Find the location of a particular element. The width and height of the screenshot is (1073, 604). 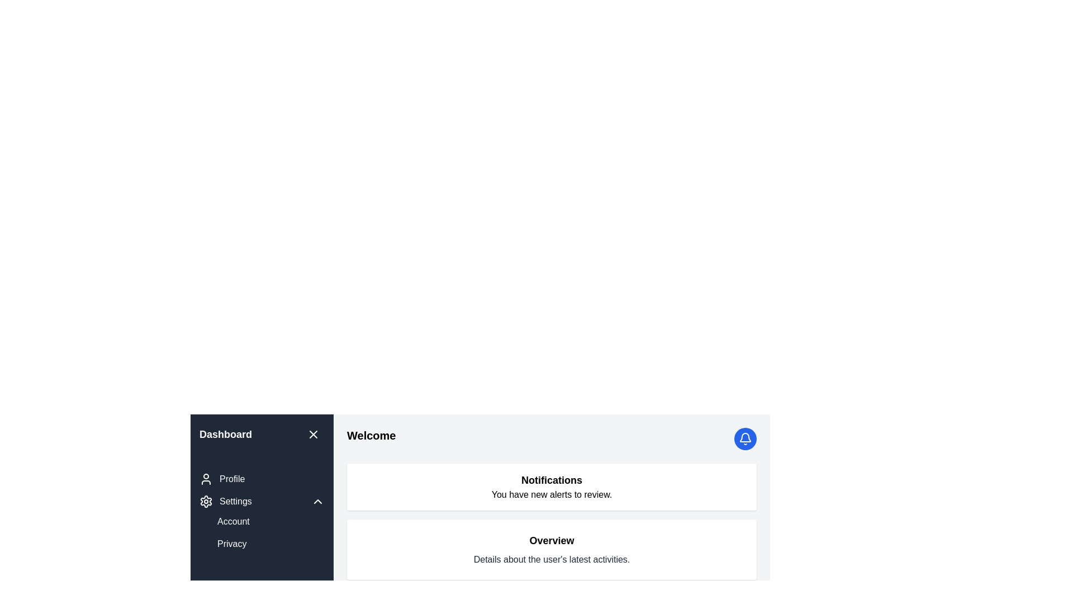

the 'Privacy' button, which is styled as a clickable menu item in the dark sidebar, located under the 'Account' section is located at coordinates (231, 543).